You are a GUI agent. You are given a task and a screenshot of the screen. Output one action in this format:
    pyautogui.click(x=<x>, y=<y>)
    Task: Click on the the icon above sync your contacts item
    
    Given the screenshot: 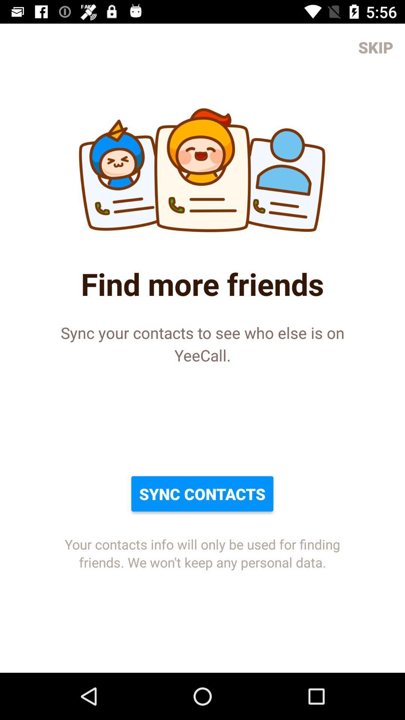 What is the action you would take?
    pyautogui.click(x=376, y=46)
    